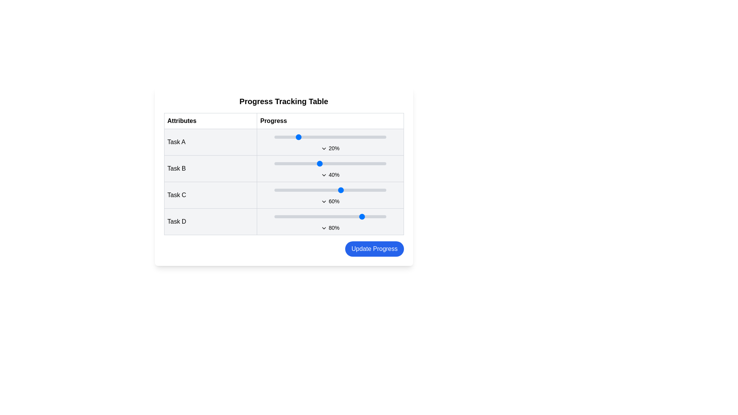  Describe the element at coordinates (314, 216) in the screenshot. I see `task progress` at that location.